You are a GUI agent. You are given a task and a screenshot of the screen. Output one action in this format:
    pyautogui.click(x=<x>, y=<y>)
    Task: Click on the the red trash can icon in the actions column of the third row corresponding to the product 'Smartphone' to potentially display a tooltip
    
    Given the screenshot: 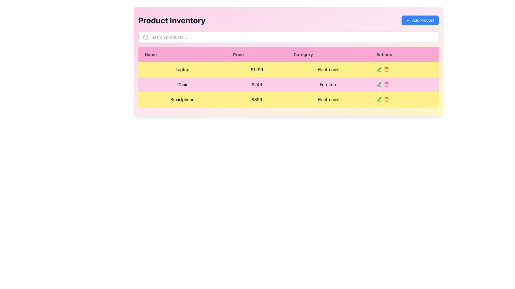 What is the action you would take?
    pyautogui.click(x=386, y=99)
    